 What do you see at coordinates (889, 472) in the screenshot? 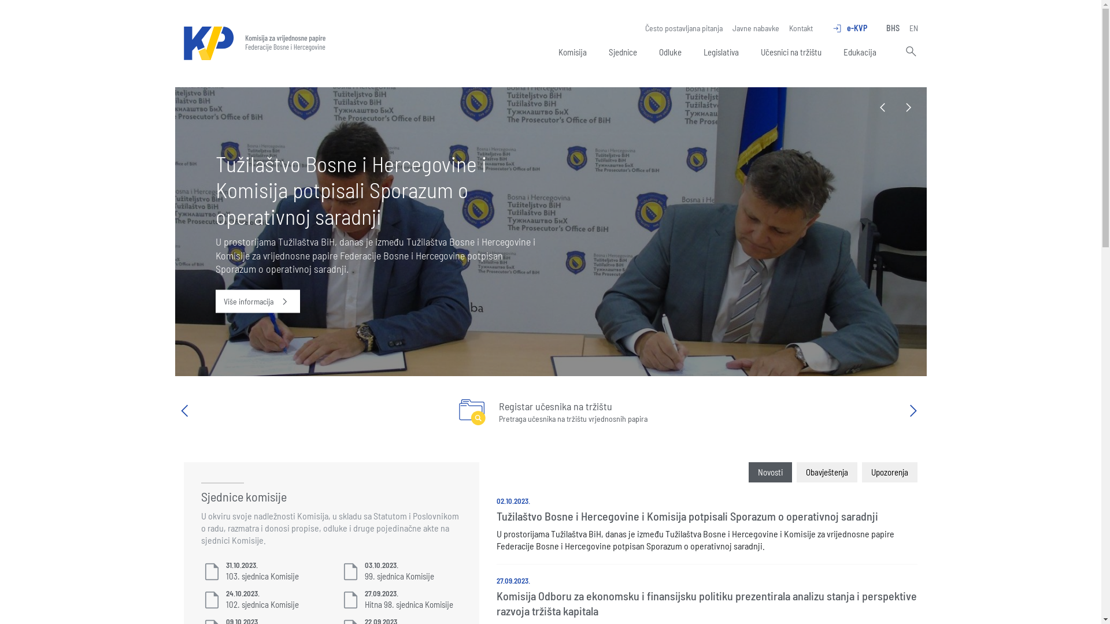
I see `'Upozorenja'` at bounding box center [889, 472].